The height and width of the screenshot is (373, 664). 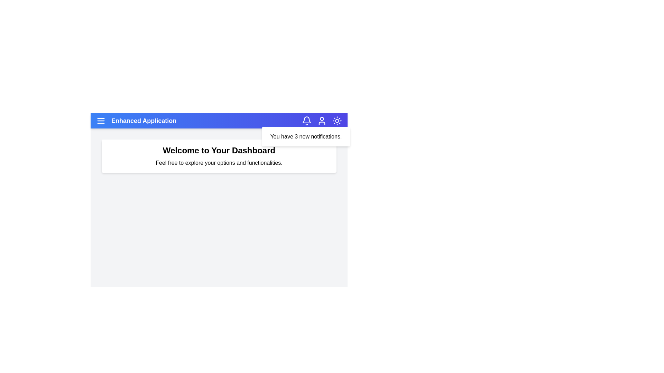 I want to click on the menu icon to open the menu, so click(x=101, y=121).